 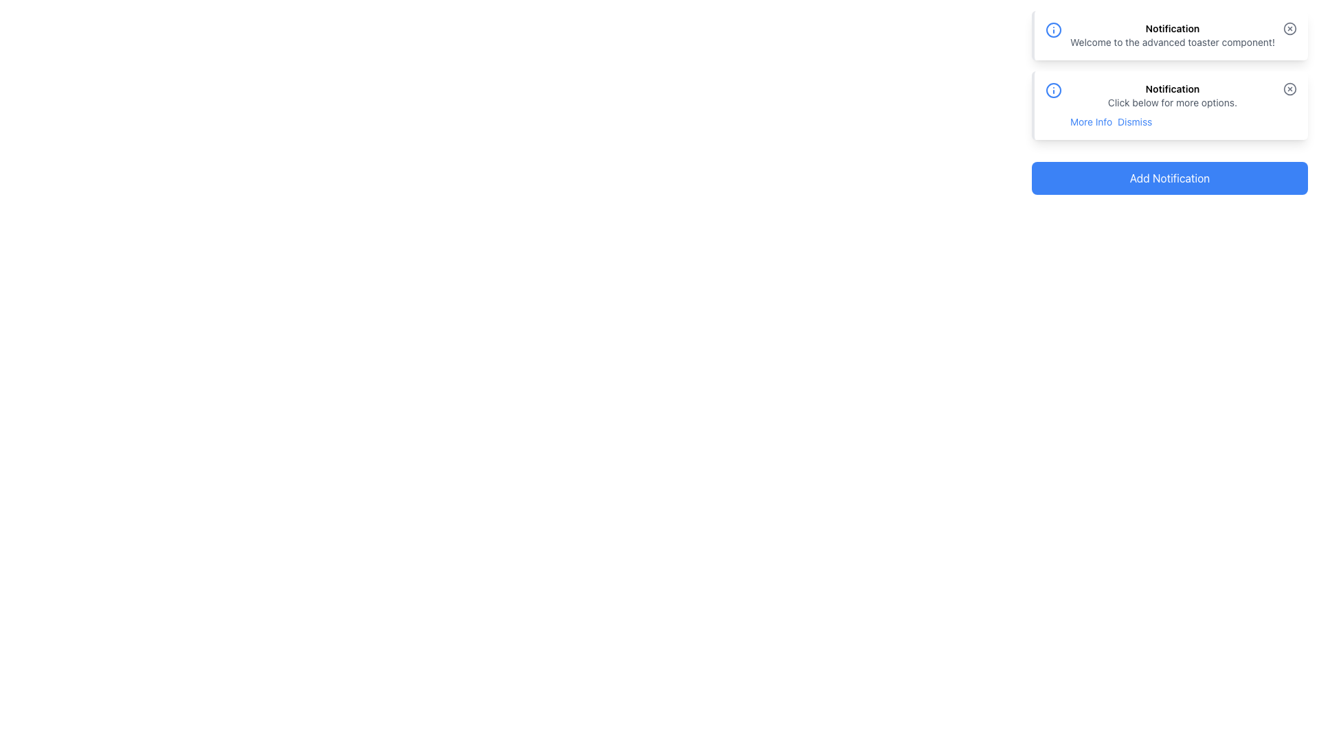 I want to click on the static text that says 'Click below for more options.' located under the 'Notification' title and above the 'More Info' and 'Dismiss' buttons, so click(x=1172, y=102).